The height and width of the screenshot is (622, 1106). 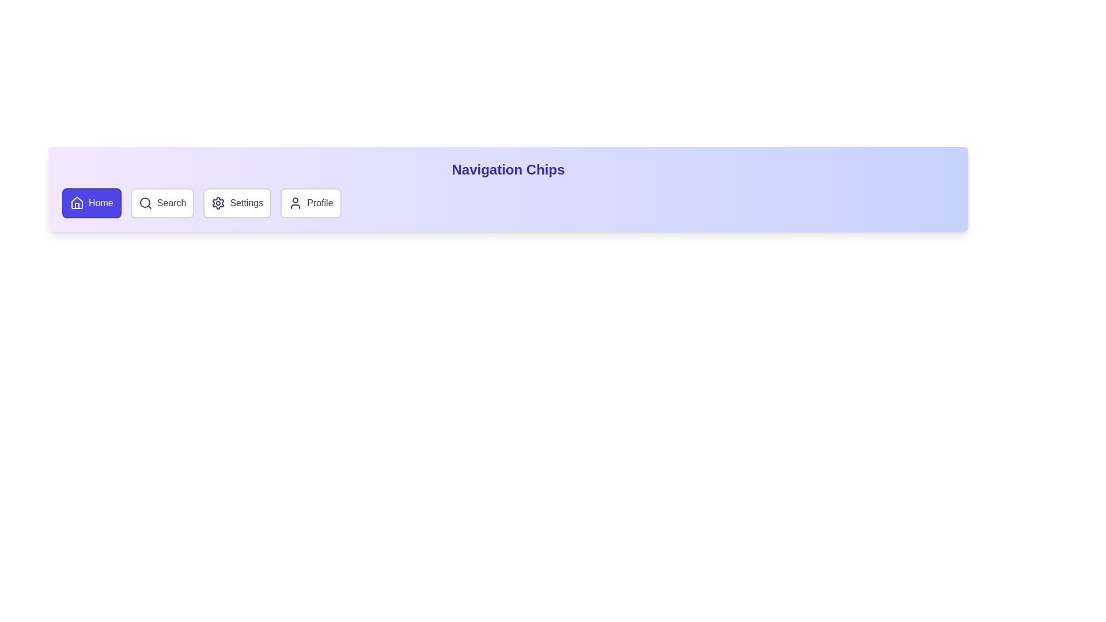 I want to click on the chip labeled Profile to activate it, so click(x=310, y=203).